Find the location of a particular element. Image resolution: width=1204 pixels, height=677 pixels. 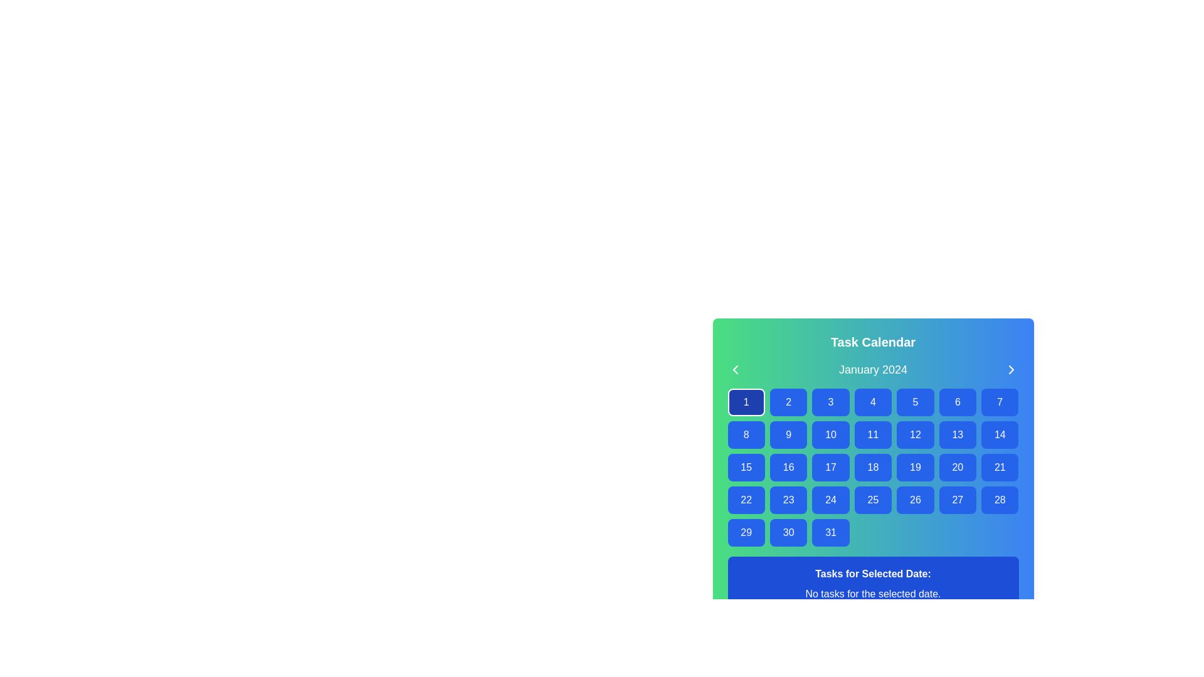

the blue rectangular button with rounded edges containing the white text '17' is located at coordinates (830, 467).